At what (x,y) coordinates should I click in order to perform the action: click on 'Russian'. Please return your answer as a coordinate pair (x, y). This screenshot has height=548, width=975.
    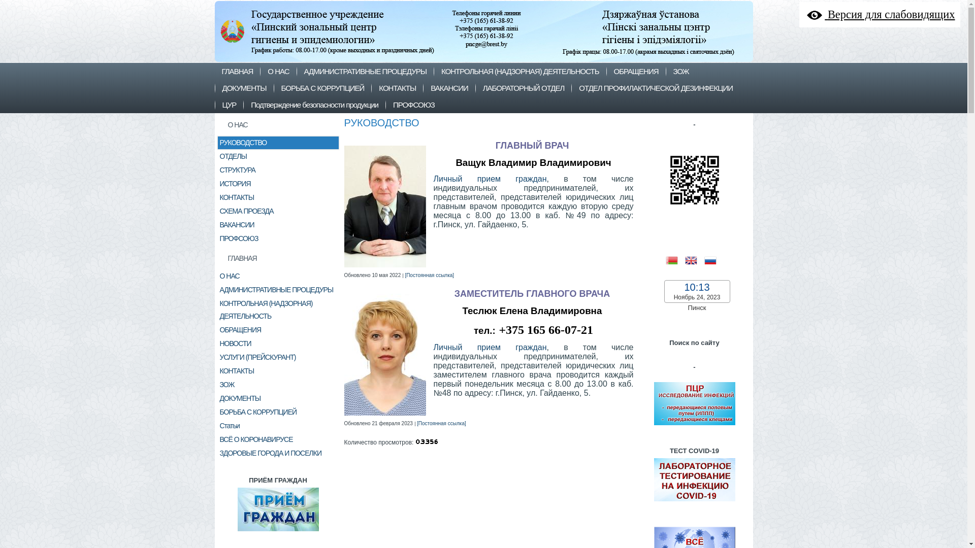
    Looking at the image, I should click on (713, 259).